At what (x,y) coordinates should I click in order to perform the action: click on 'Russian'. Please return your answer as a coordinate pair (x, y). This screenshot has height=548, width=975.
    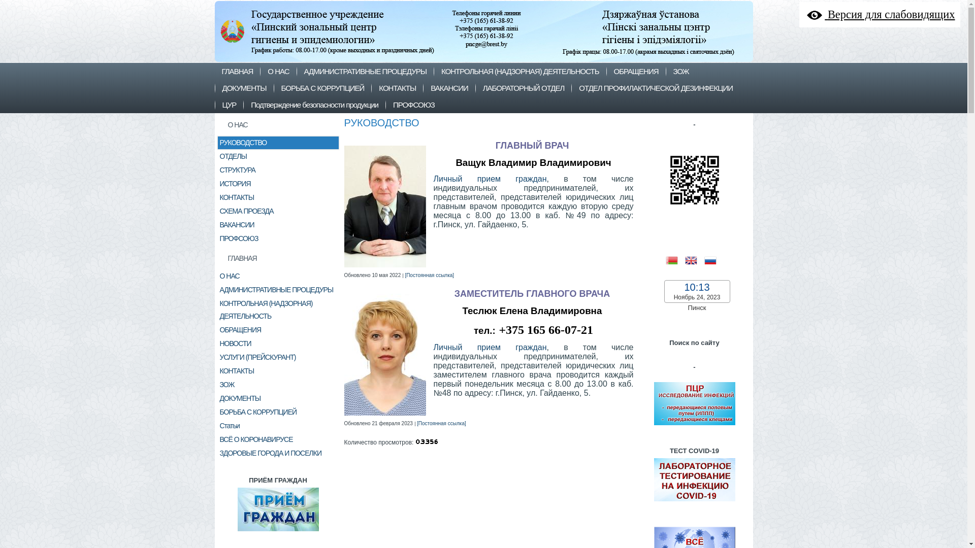
    Looking at the image, I should click on (713, 259).